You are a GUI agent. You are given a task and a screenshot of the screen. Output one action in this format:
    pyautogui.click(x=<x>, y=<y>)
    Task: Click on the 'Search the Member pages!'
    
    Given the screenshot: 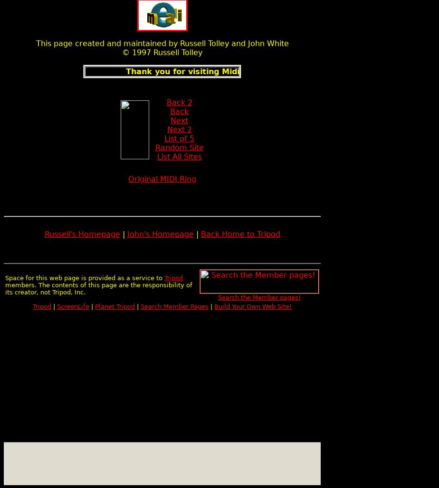 What is the action you would take?
    pyautogui.click(x=259, y=297)
    